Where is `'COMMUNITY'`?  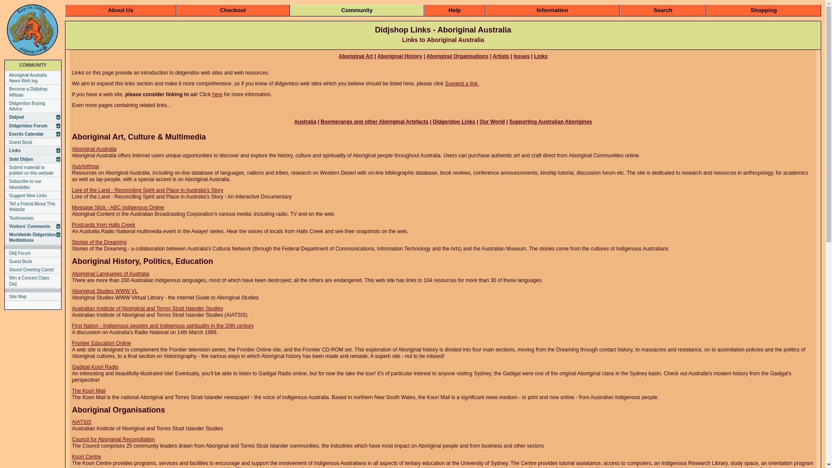
'COMMUNITY' is located at coordinates (33, 65).